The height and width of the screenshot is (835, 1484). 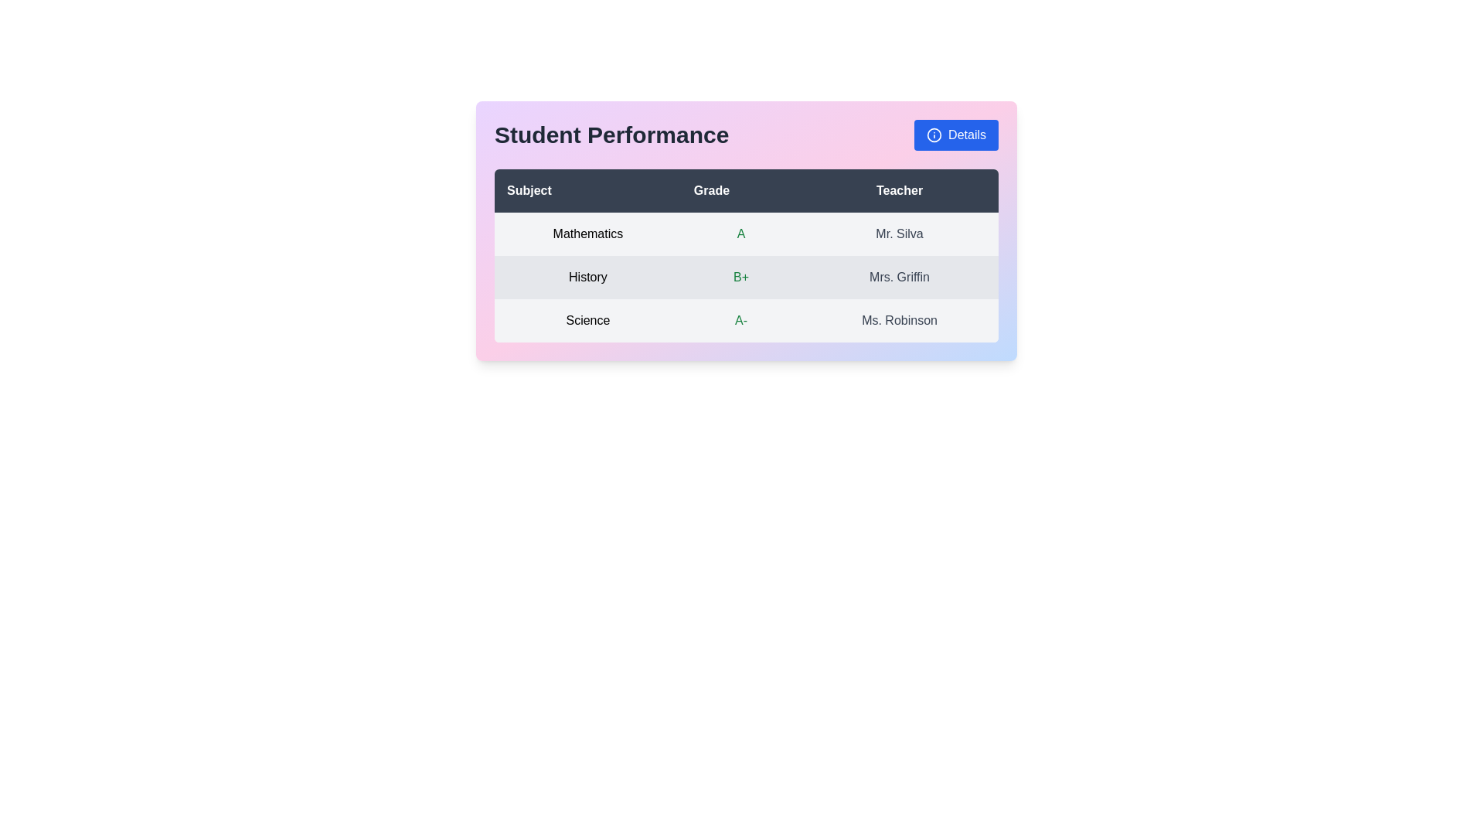 What do you see at coordinates (955, 134) in the screenshot?
I see `the button located in the upper-right corner of the 'Student Performance' section to change its color` at bounding box center [955, 134].